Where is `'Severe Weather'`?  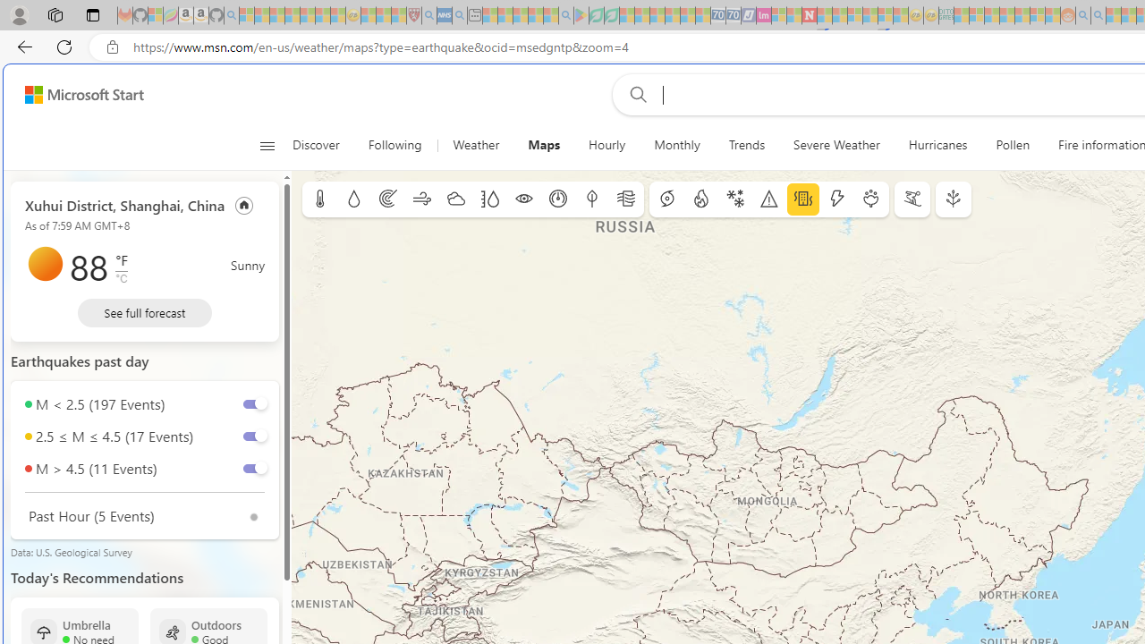 'Severe Weather' is located at coordinates (835, 145).